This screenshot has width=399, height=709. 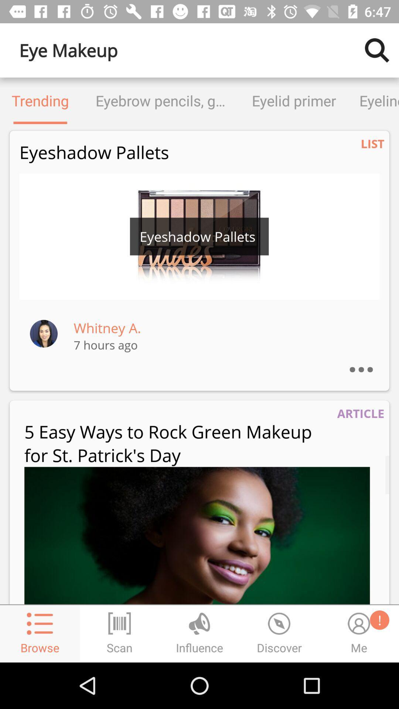 What do you see at coordinates (178, 443) in the screenshot?
I see `item next to the article item` at bounding box center [178, 443].